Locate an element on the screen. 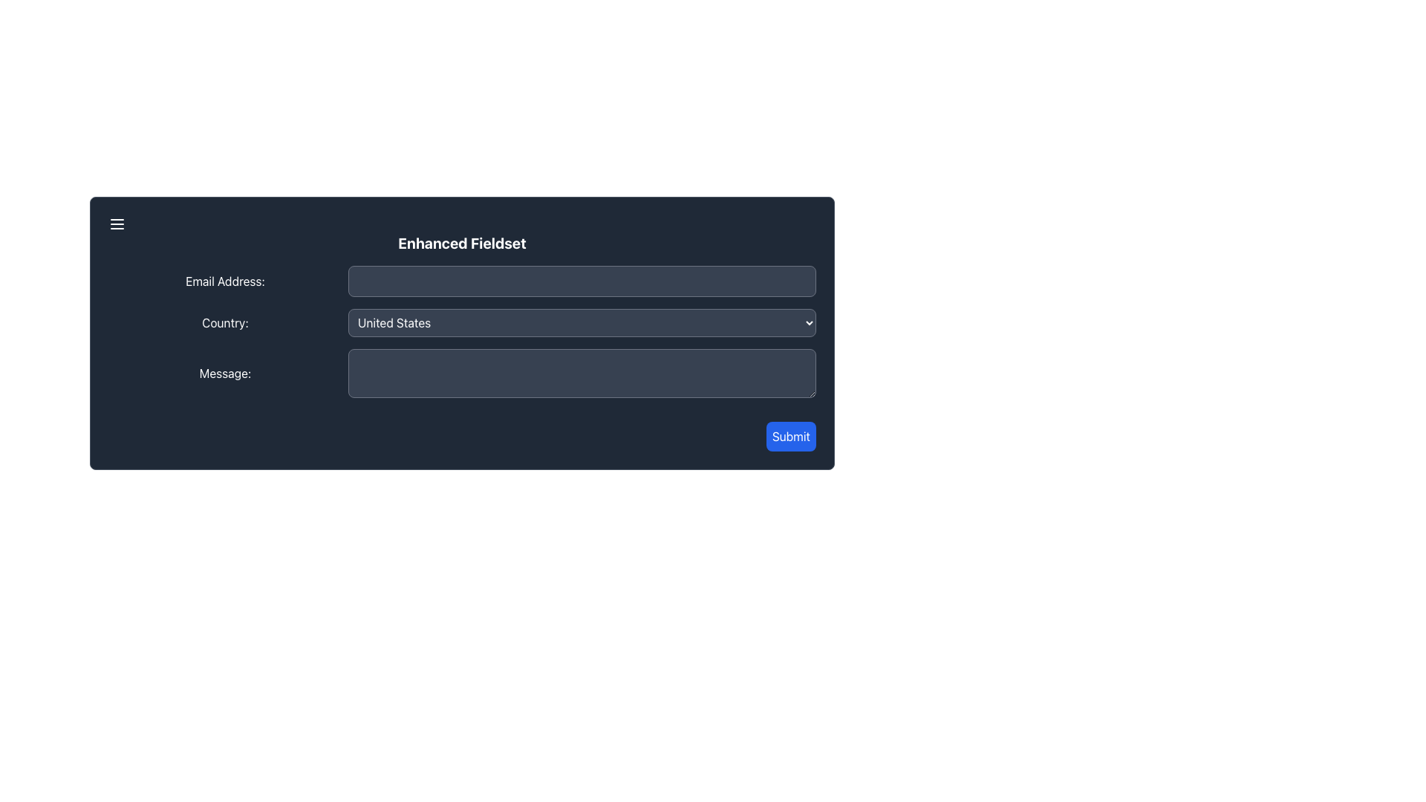 This screenshot has width=1426, height=802. the message input field located is located at coordinates (461, 372).